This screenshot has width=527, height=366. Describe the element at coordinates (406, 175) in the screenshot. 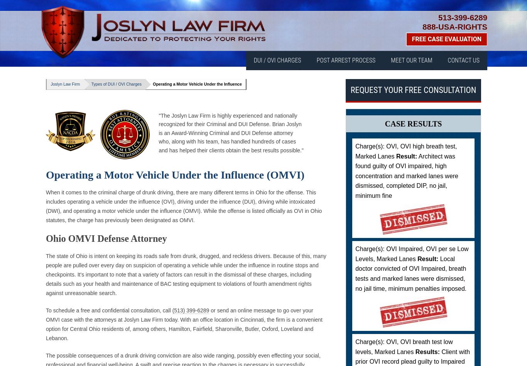

I see `'Architect was found guilty of OVI impaired, high concentration and marked lanes were dismissed, completed DIP, no jail, minimum fine'` at that location.